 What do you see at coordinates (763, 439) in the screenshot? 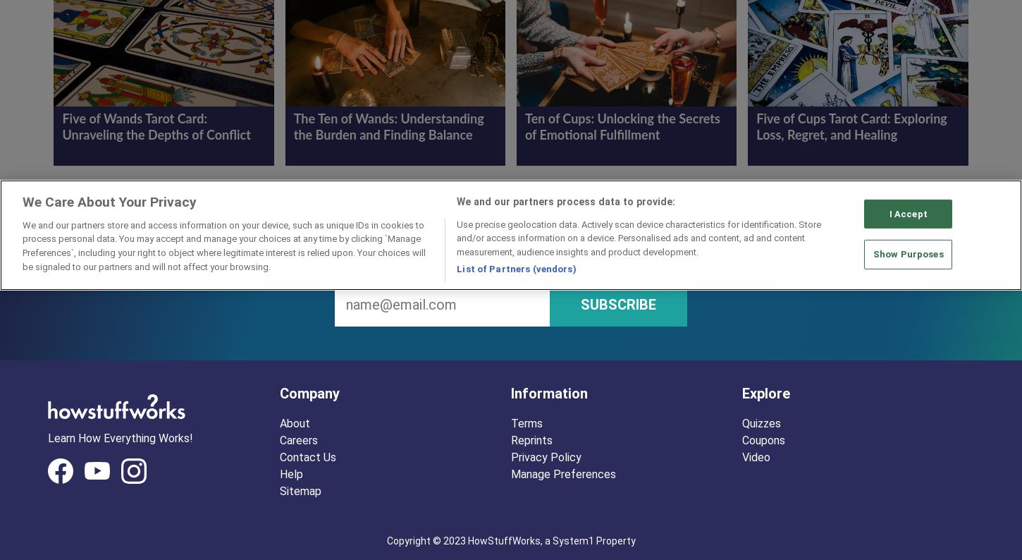
I see `'Coupons'` at bounding box center [763, 439].